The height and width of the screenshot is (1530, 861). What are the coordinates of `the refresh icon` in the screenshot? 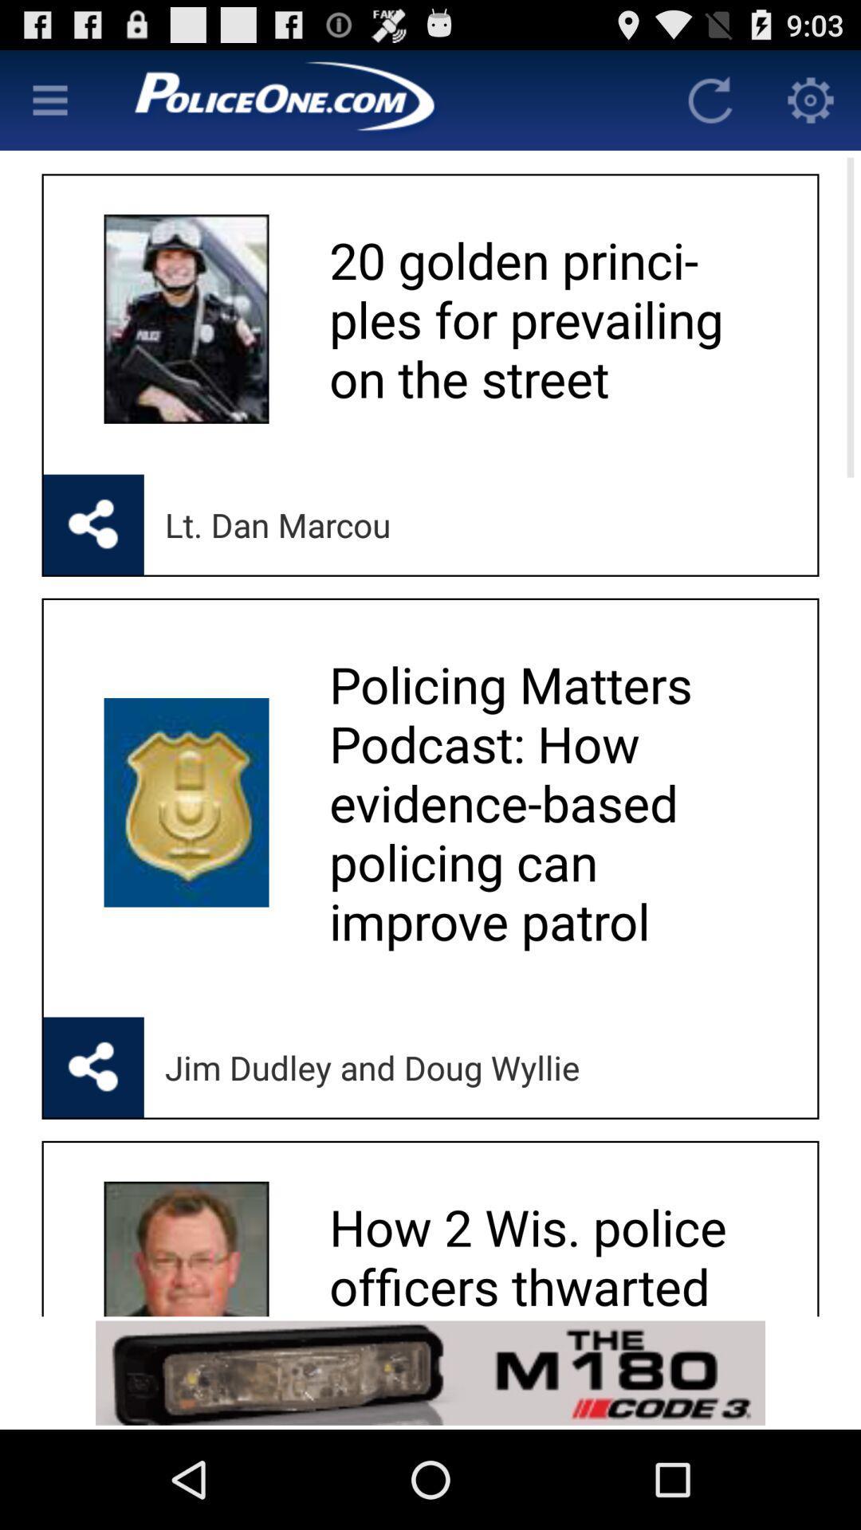 It's located at (710, 106).